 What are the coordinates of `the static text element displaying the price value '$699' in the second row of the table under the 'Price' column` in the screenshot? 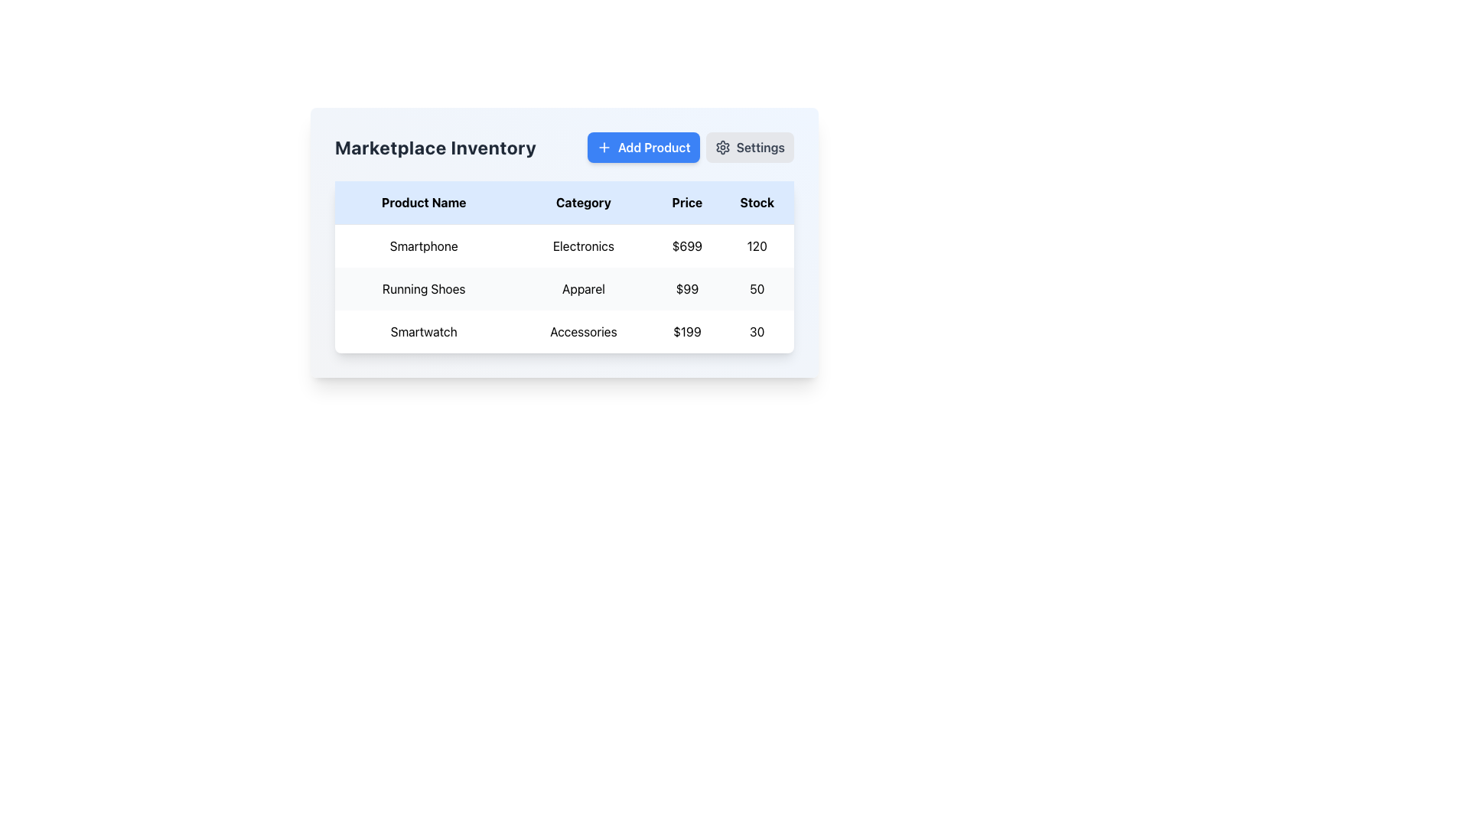 It's located at (686, 245).